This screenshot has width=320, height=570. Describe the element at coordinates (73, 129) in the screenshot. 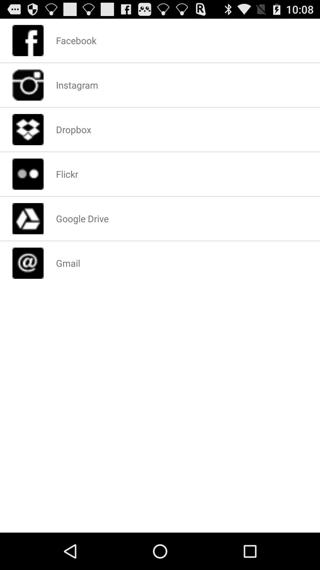

I see `the dropbox` at that location.